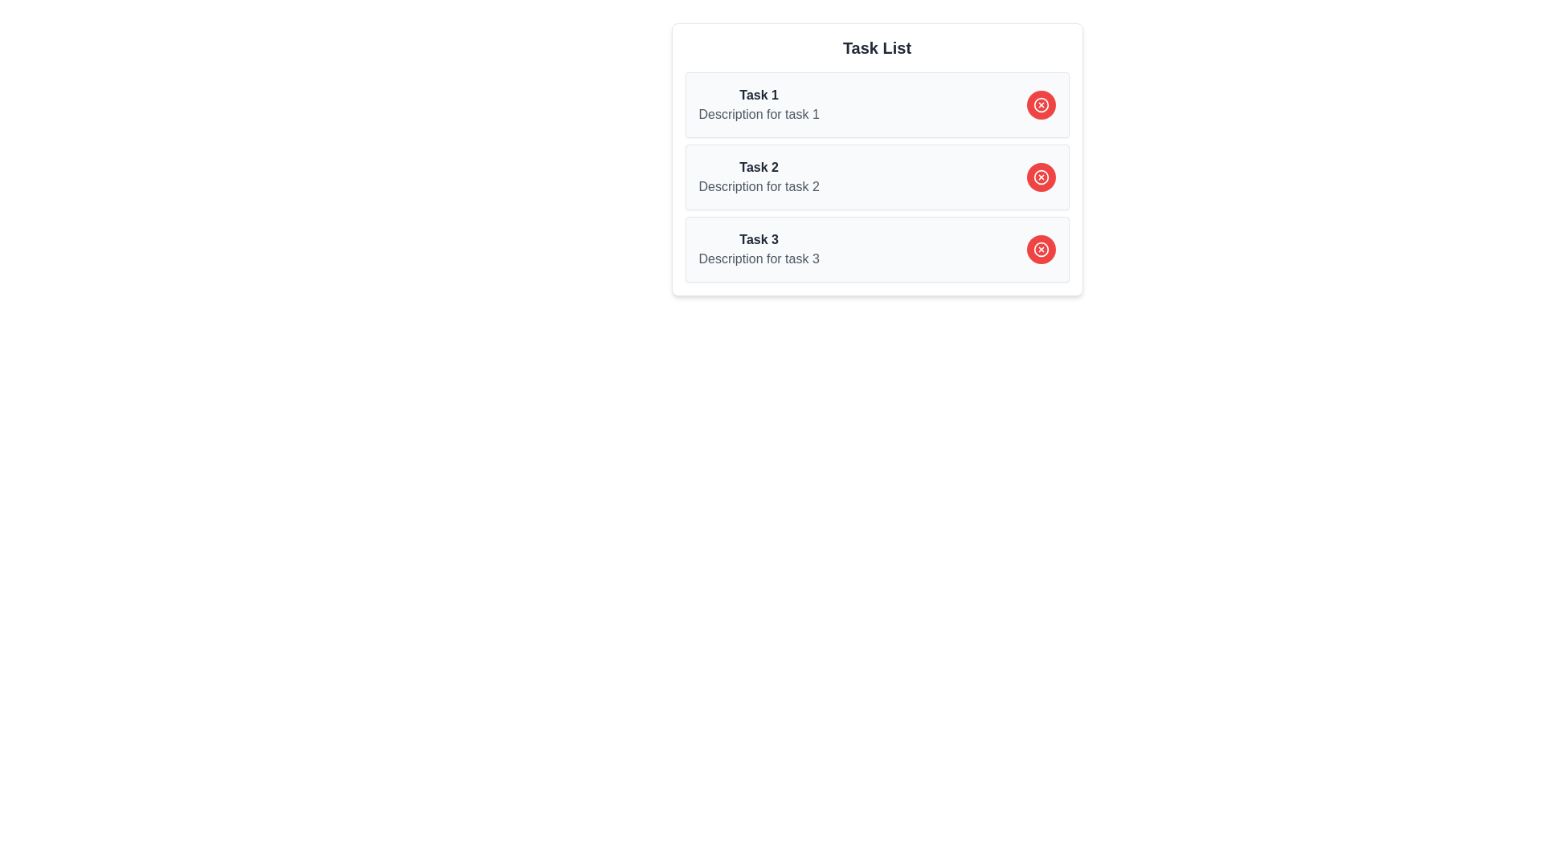 This screenshot has height=867, width=1543. What do you see at coordinates (758, 258) in the screenshot?
I see `the descriptive text label located directly beneath the bold 'Task 3' label in the bottom-right quadrant of the interface` at bounding box center [758, 258].